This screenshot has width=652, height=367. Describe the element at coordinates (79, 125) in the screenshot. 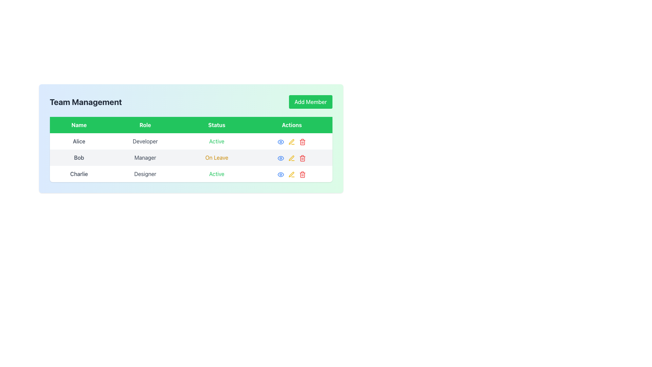

I see `the 'Name' text label, which is a green rectangular header with white bold text, located at the top-left of the table` at that location.